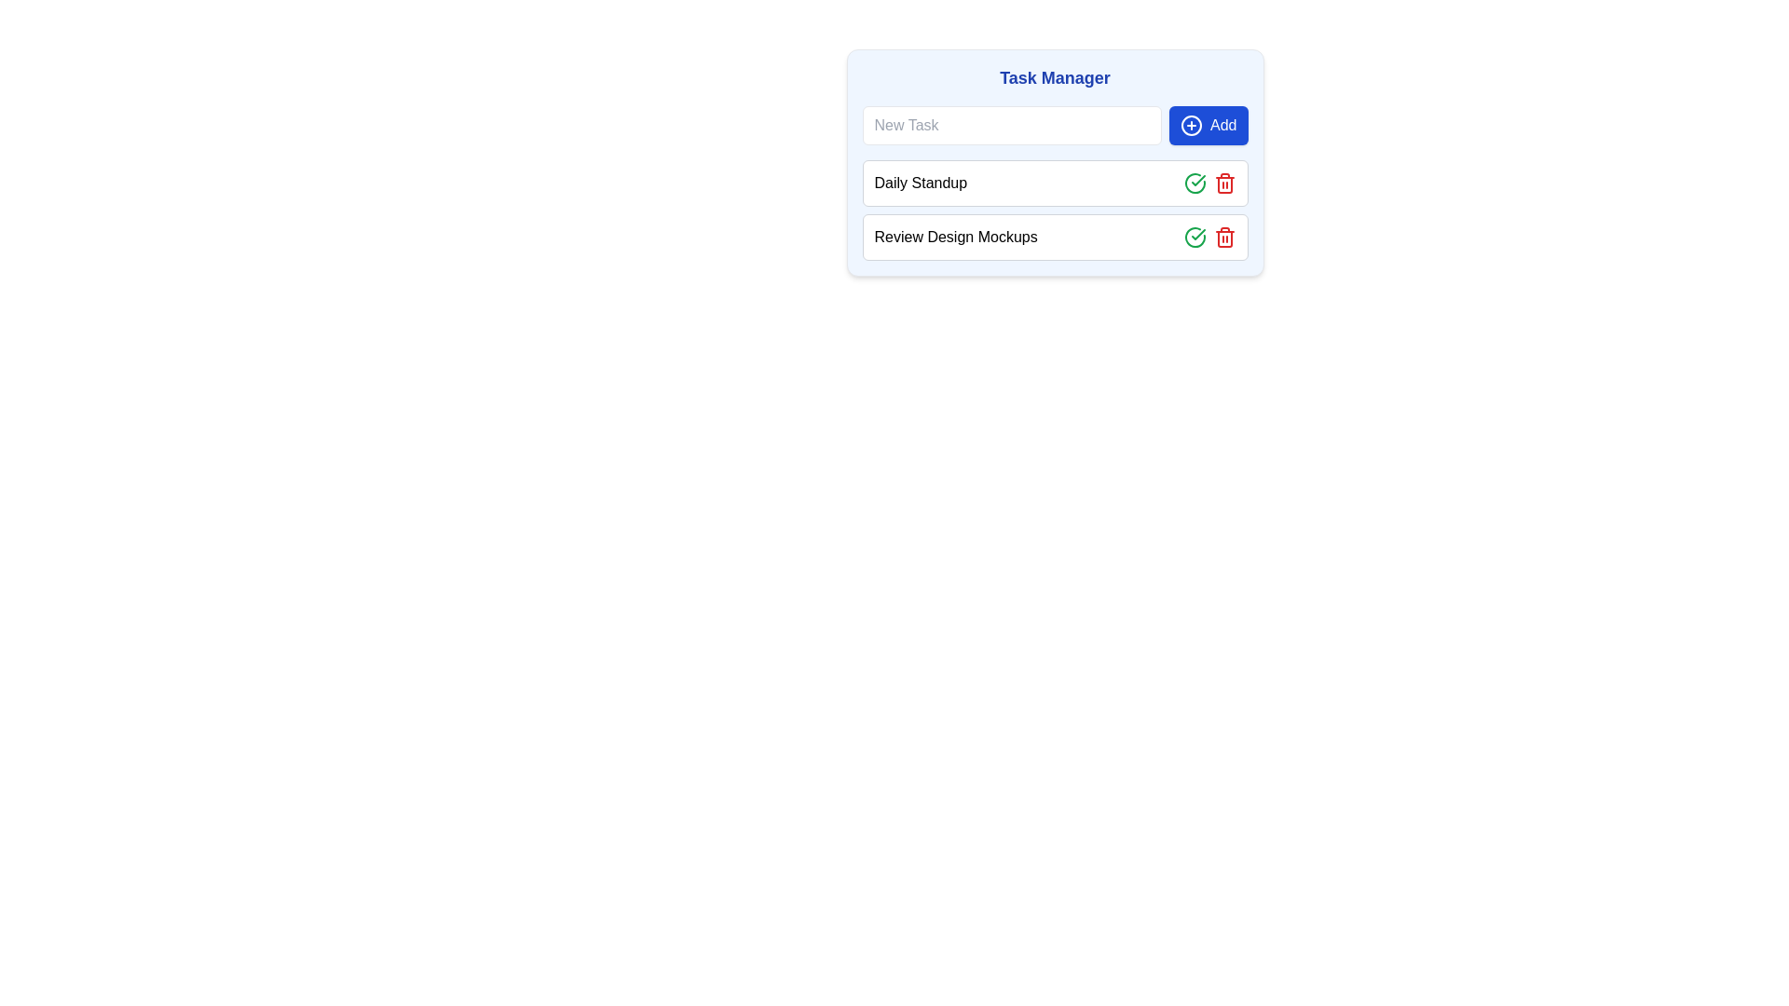 This screenshot has height=1006, width=1789. I want to click on the green circular icon with a checkmark inside it, located in the 'Review Design Mockups' task row, to mark the task as complete, so click(1195, 183).